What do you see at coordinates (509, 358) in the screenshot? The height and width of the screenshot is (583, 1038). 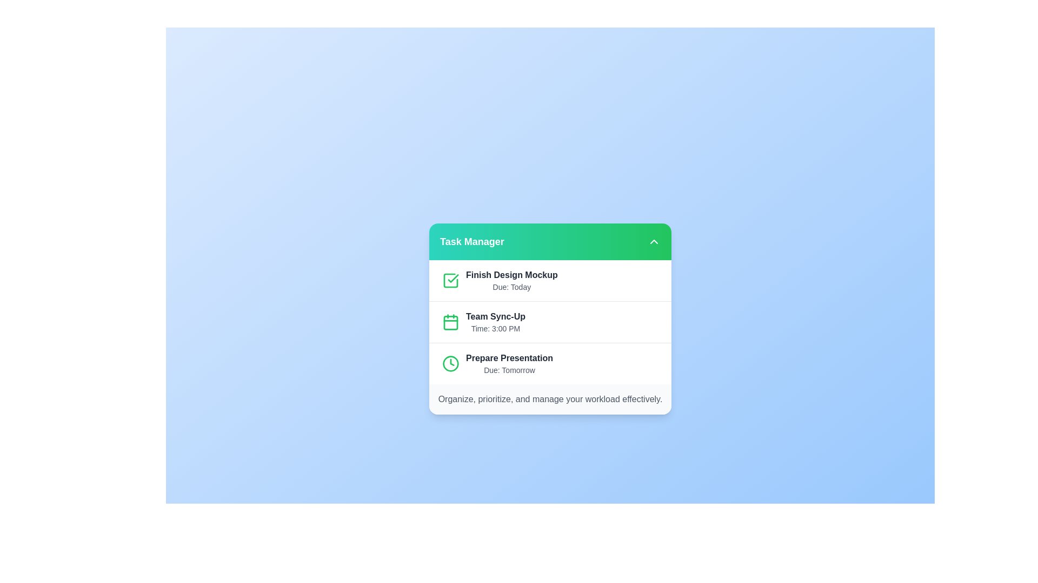 I see `the task item 'Prepare Presentation' by clicking on it` at bounding box center [509, 358].